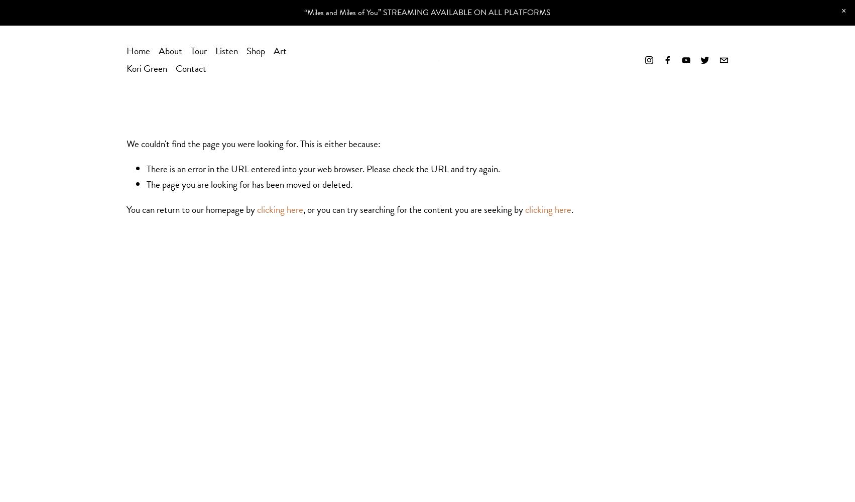 The image size is (855, 502). What do you see at coordinates (427, 12) in the screenshot?
I see `'“Miles and Miles of You” STREAMING AVAILABLE ON ALL PLATFORMS'` at bounding box center [427, 12].